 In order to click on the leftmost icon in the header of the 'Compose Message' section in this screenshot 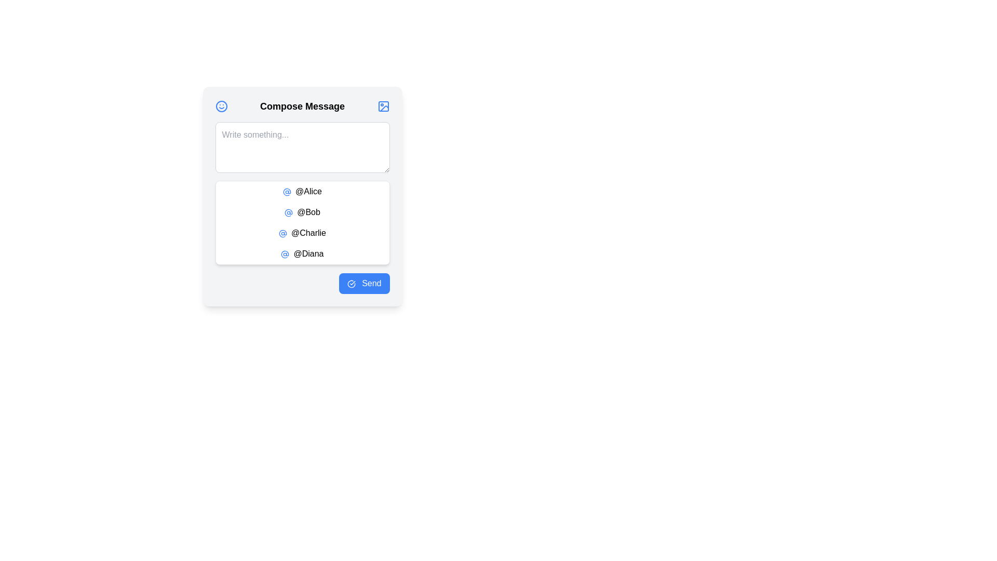, I will do `click(221, 106)`.